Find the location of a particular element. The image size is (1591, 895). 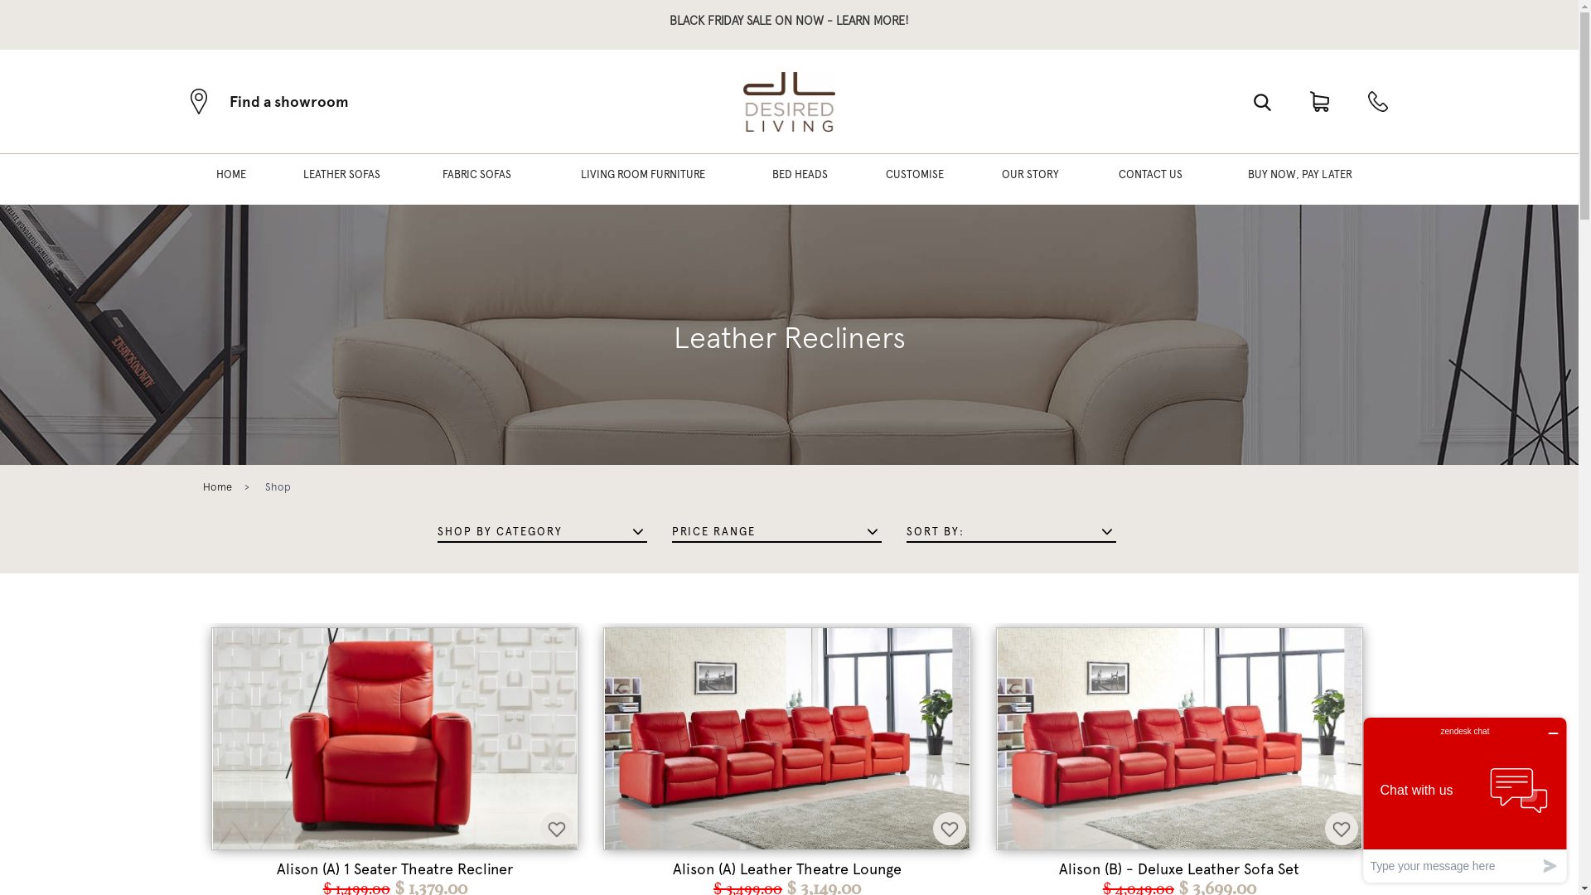

'Find a showroom' is located at coordinates (269, 101).